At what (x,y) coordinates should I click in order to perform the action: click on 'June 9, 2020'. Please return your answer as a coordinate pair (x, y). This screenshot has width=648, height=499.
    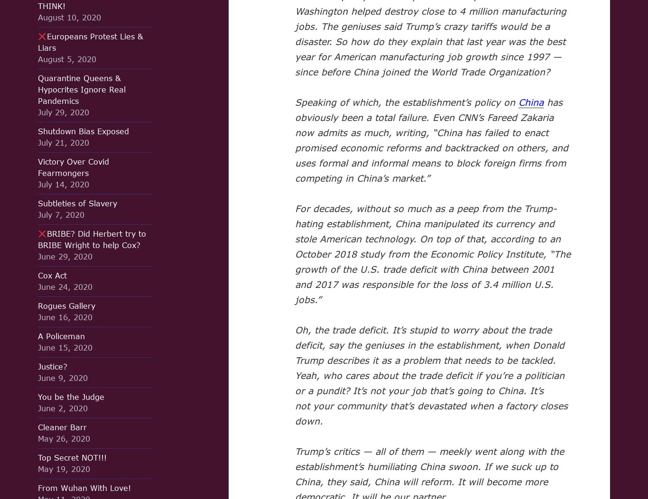
    Looking at the image, I should click on (38, 378).